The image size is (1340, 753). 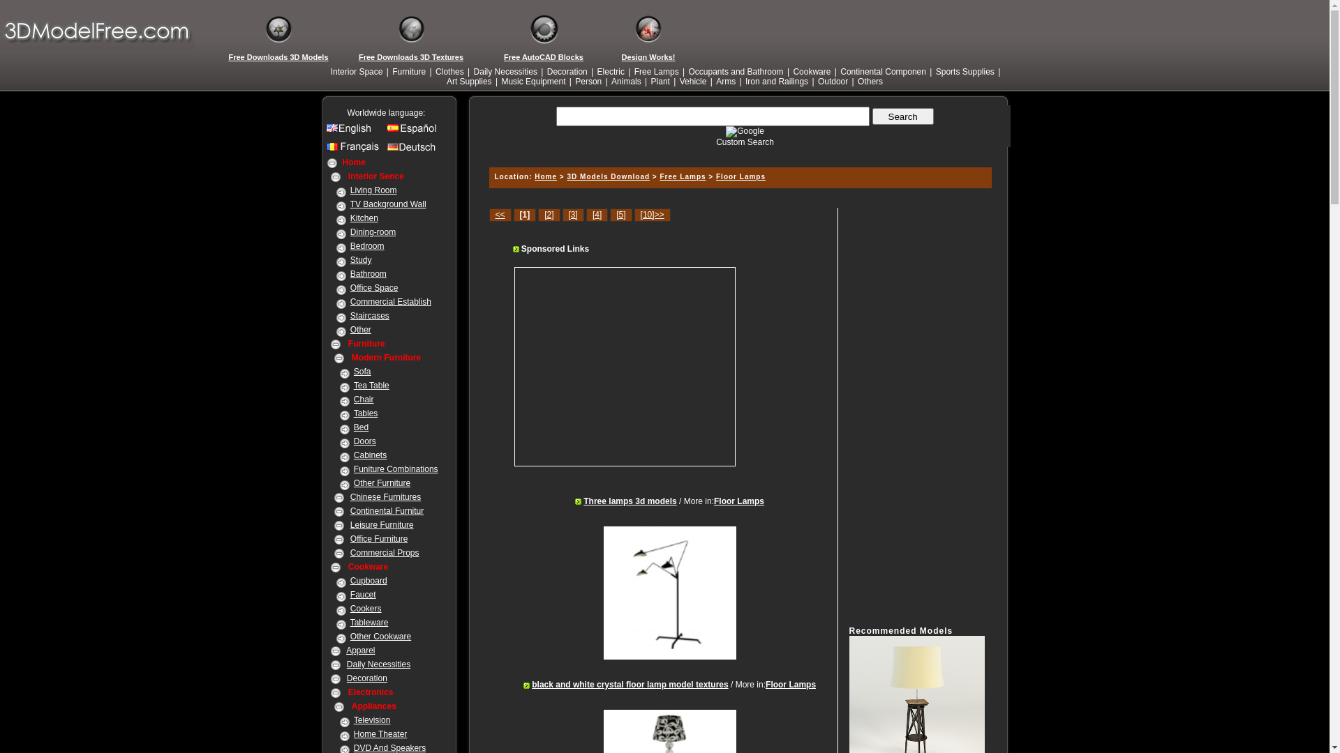 I want to click on 'Office Space', so click(x=374, y=287).